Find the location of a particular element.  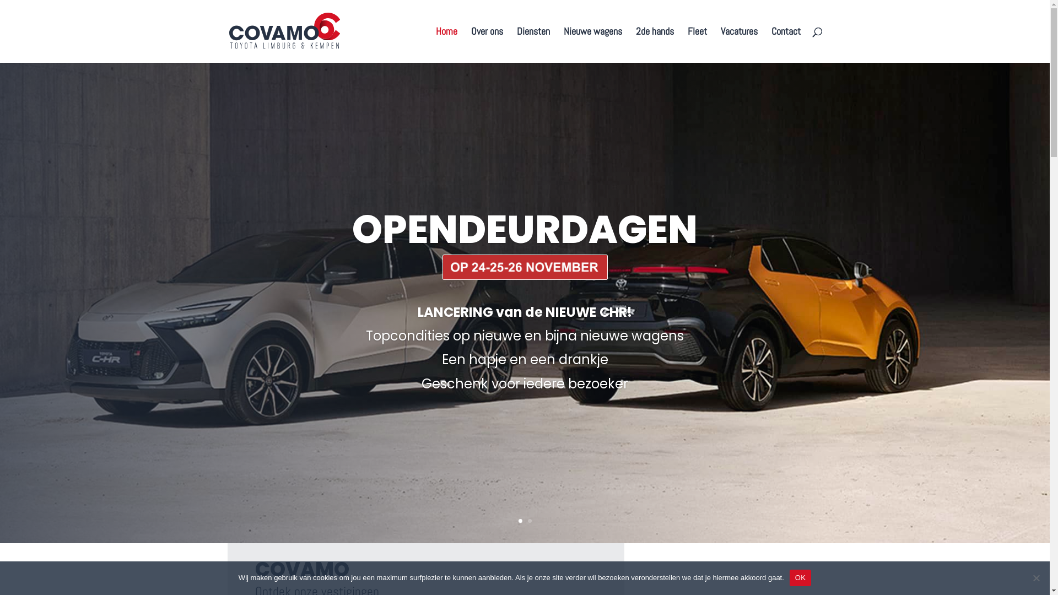

'Home' is located at coordinates (435, 44).